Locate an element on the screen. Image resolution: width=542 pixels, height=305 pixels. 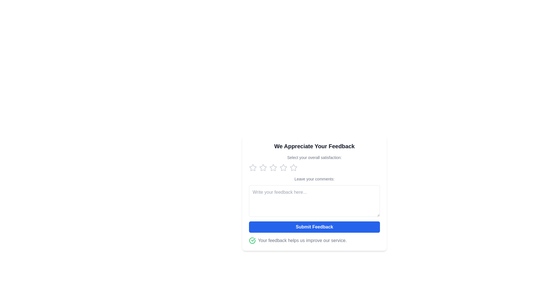
the informational text that indicates how user feedback contributes to service improvements, positioned below the 'Submit Feedback' button and to the right of a green checkmark icon is located at coordinates (302, 241).